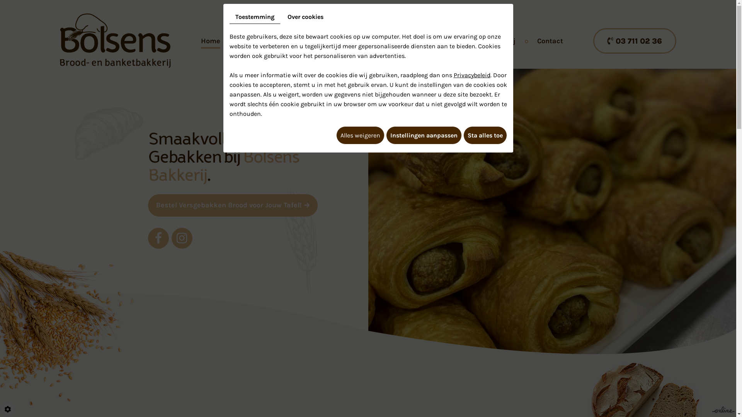  Describe the element at coordinates (255, 17) in the screenshot. I see `'Toestemming'` at that location.